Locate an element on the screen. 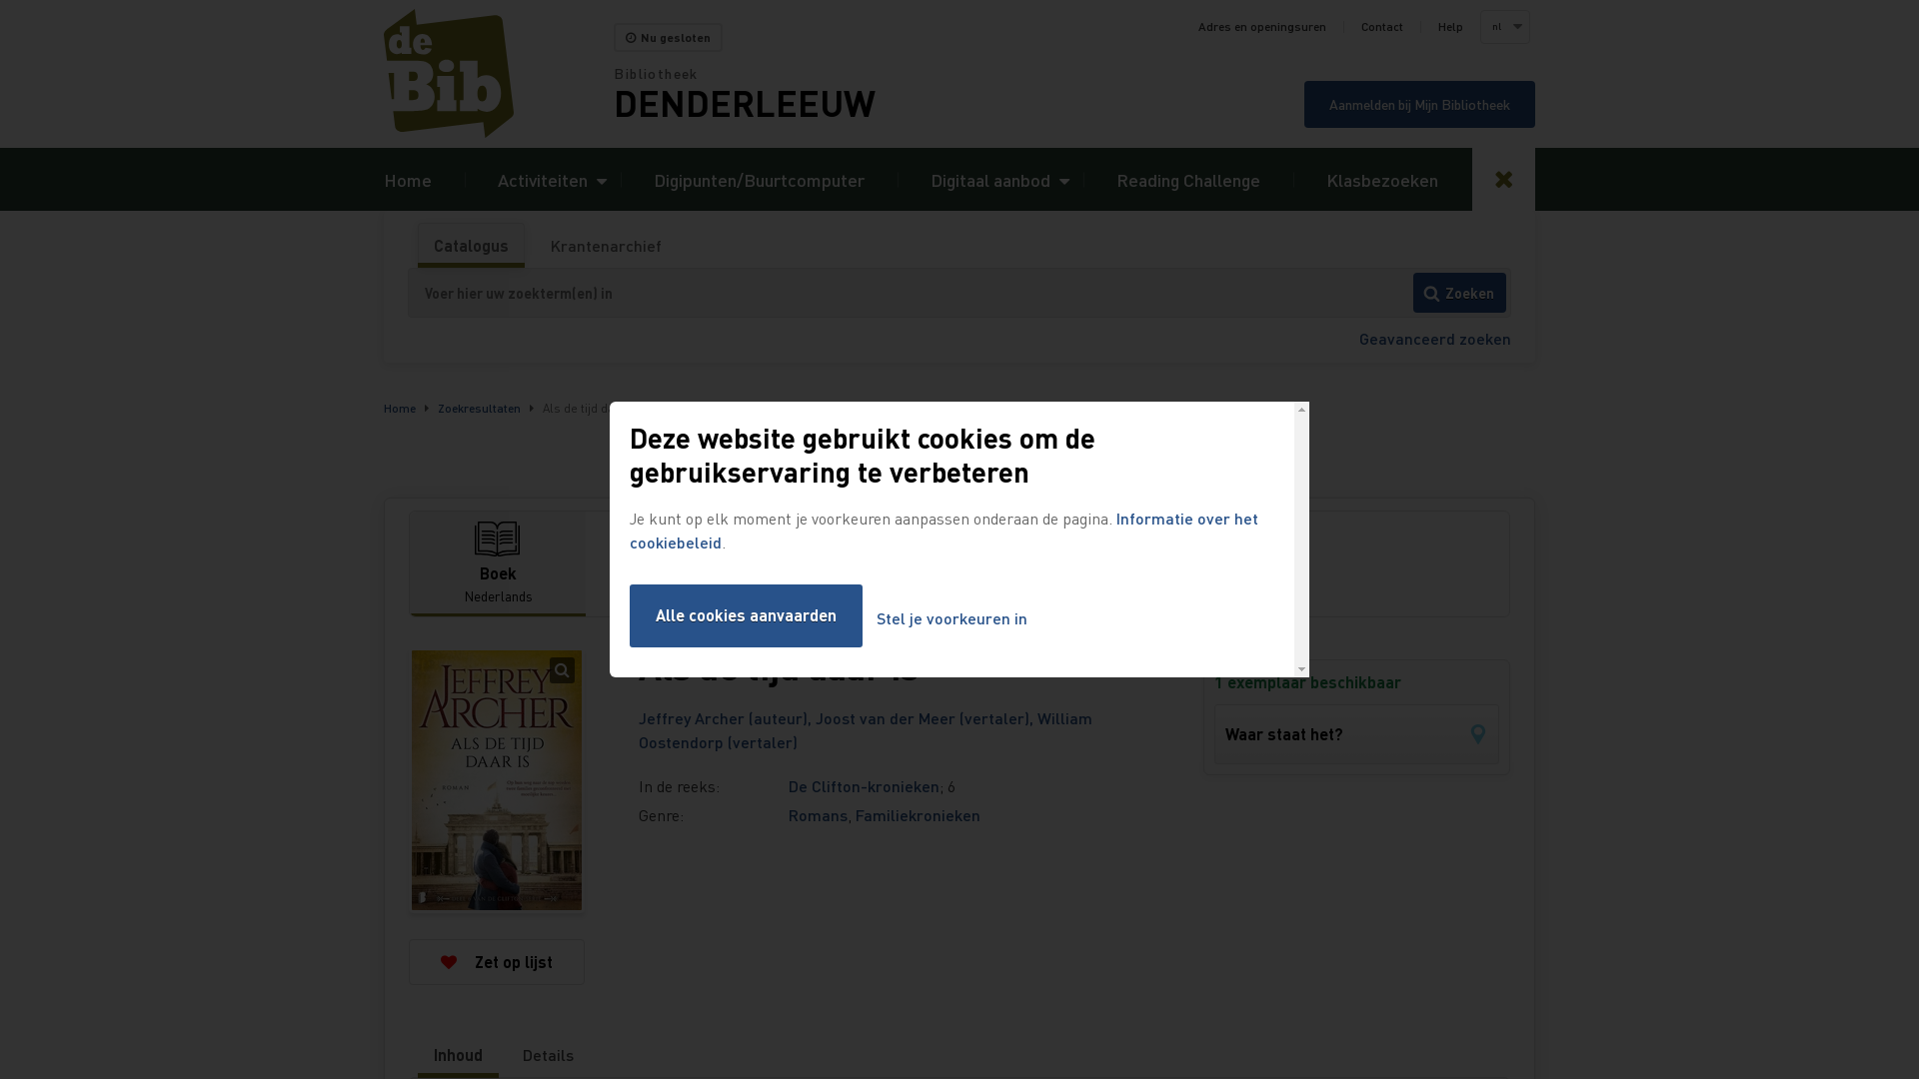 This screenshot has width=1919, height=1079. 'Catalogus' is located at coordinates (417, 245).